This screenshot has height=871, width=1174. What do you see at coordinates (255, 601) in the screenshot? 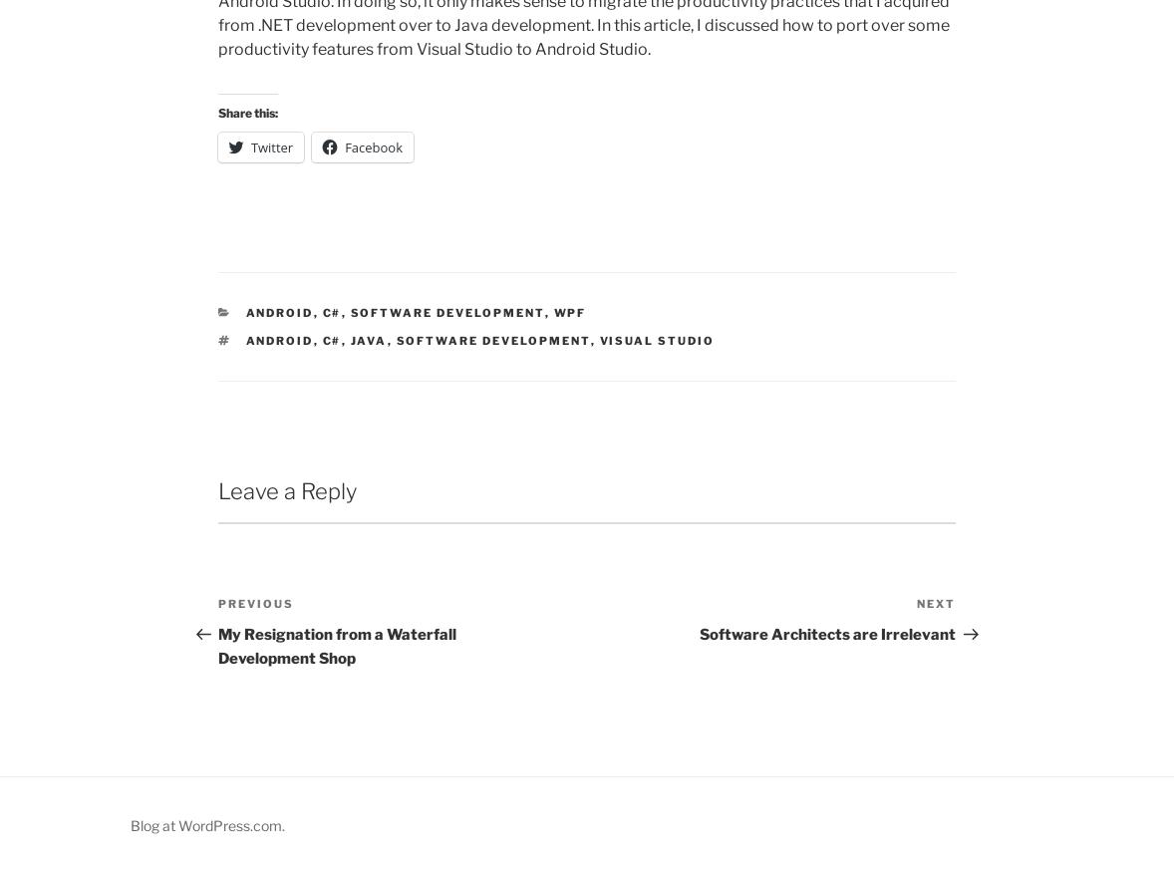
I see `'Previous'` at bounding box center [255, 601].